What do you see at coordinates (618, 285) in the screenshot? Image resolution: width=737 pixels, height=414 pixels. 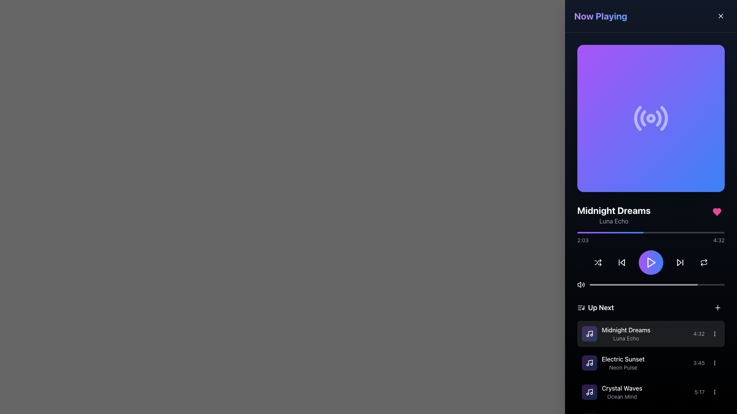 I see `playback position` at bounding box center [618, 285].